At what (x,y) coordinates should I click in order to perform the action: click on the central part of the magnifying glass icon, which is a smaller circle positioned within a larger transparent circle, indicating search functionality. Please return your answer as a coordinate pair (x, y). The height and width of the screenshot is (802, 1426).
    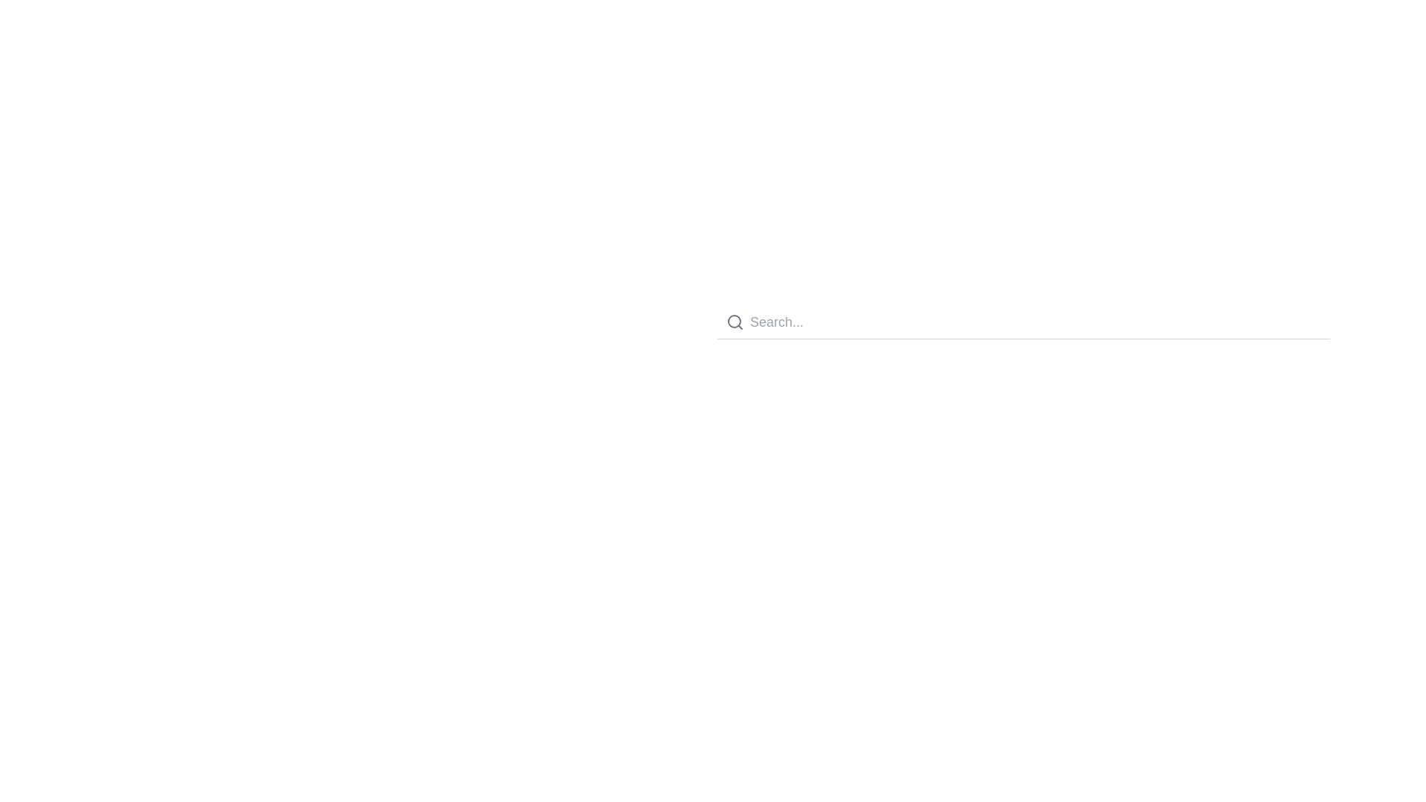
    Looking at the image, I should click on (734, 320).